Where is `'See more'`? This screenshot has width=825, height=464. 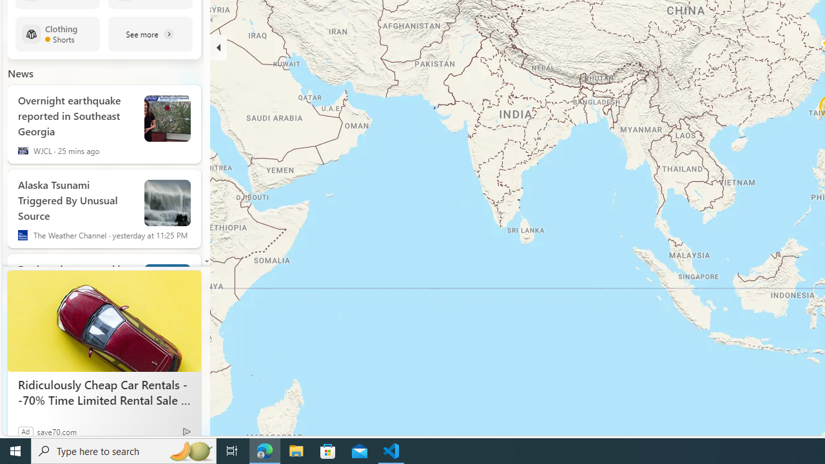
'See more' is located at coordinates (150, 33).